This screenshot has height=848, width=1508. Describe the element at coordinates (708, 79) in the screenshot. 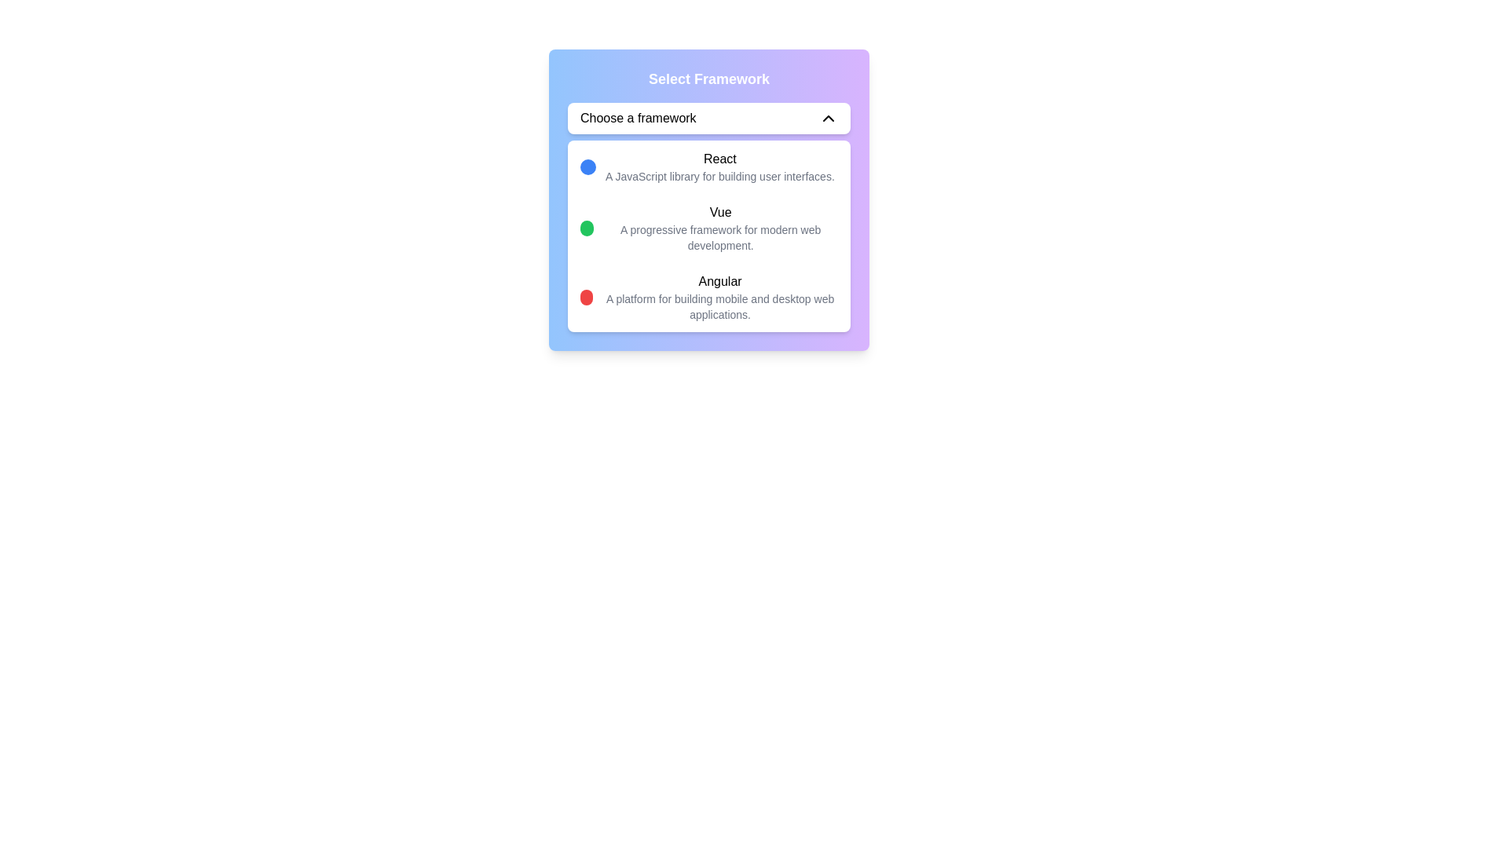

I see `the text label 'Select Framework' which is prominently displayed in white, bold font at the top of a card UI component with a gradient background` at that location.